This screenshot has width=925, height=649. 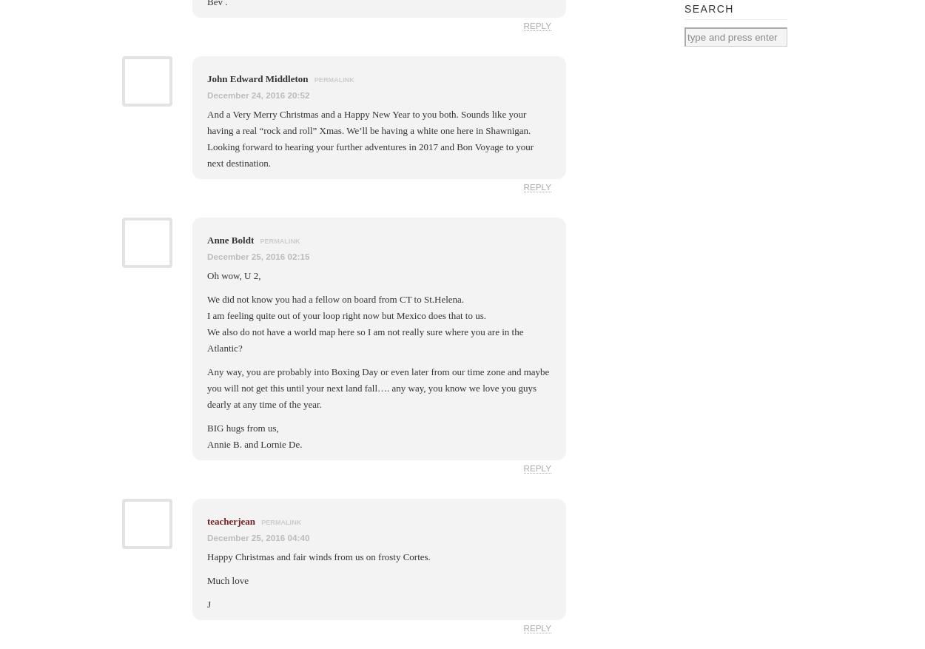 What do you see at coordinates (209, 603) in the screenshot?
I see `'J'` at bounding box center [209, 603].